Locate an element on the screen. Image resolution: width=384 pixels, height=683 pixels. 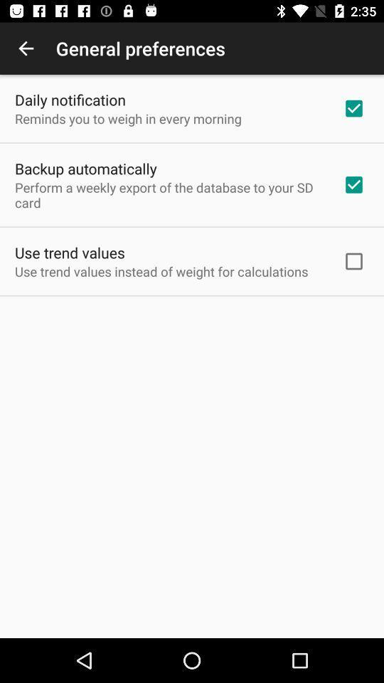
the icon above perform a weekly app is located at coordinates (85, 169).